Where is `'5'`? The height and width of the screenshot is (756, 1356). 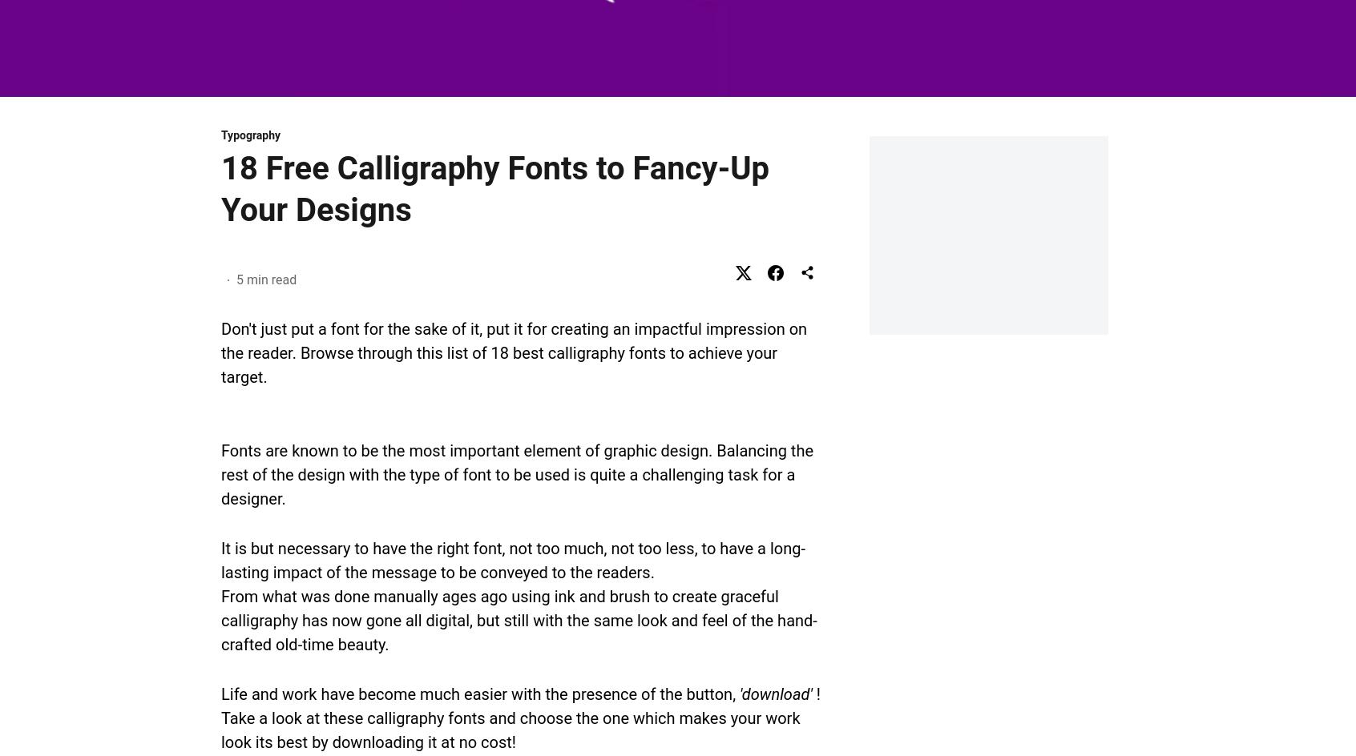 '5' is located at coordinates (239, 279).